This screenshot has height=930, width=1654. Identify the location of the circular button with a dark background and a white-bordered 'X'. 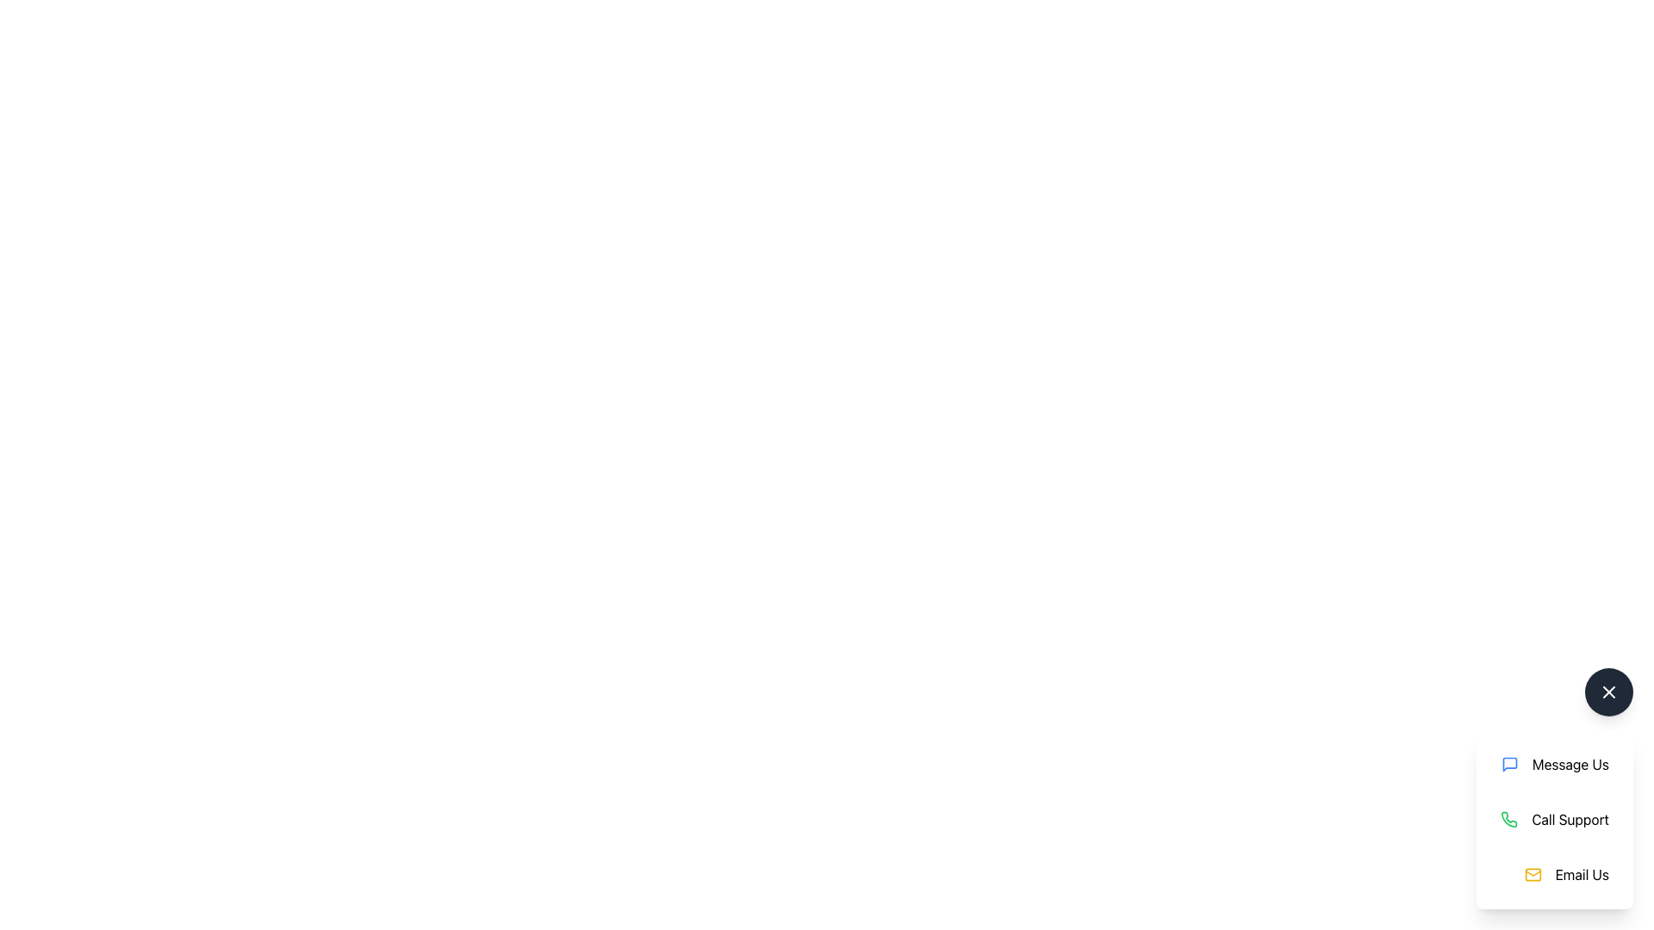
(1607, 691).